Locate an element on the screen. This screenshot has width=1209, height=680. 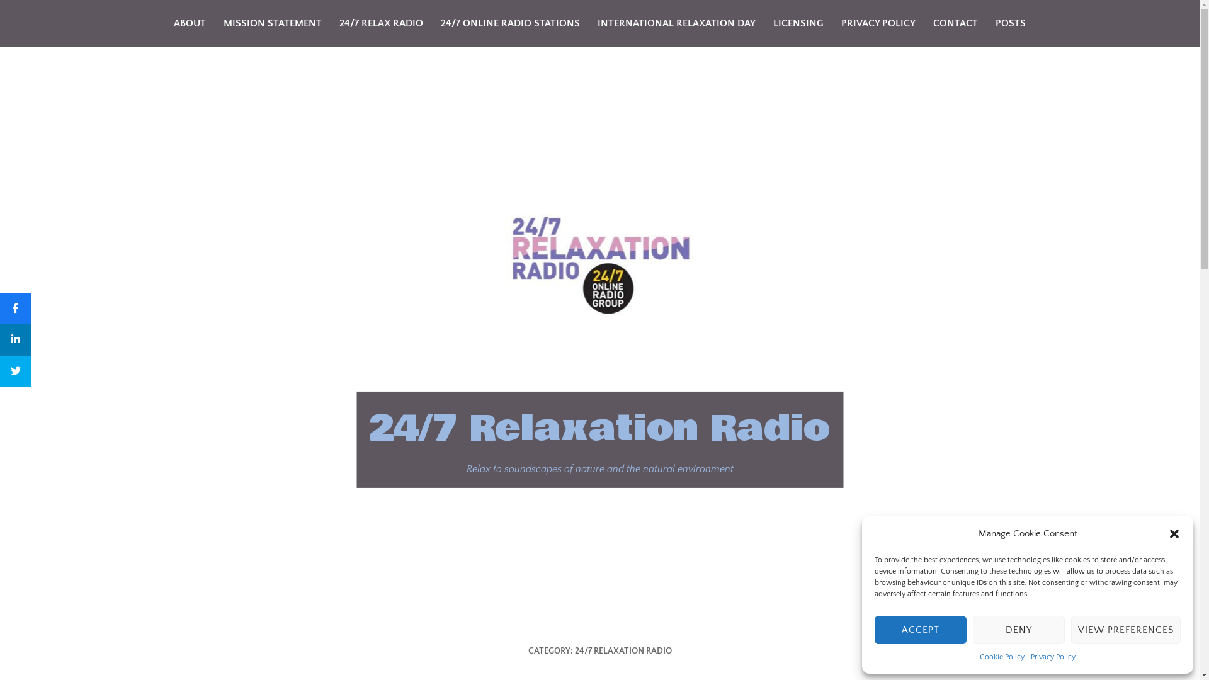
'ABOUT' is located at coordinates (189, 23).